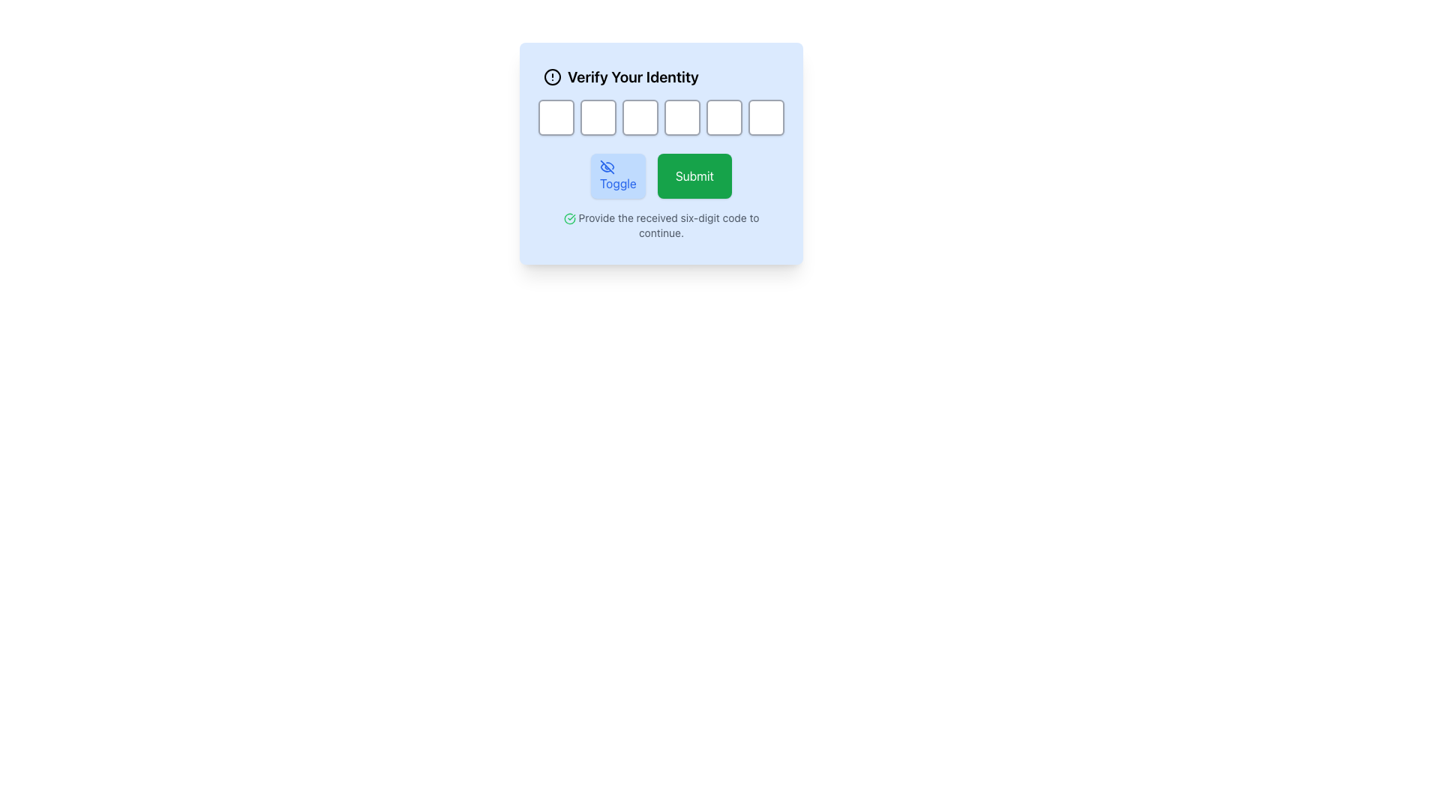  Describe the element at coordinates (694, 175) in the screenshot. I see `the submit button located to the right of the blue 'Toggle' button` at that location.